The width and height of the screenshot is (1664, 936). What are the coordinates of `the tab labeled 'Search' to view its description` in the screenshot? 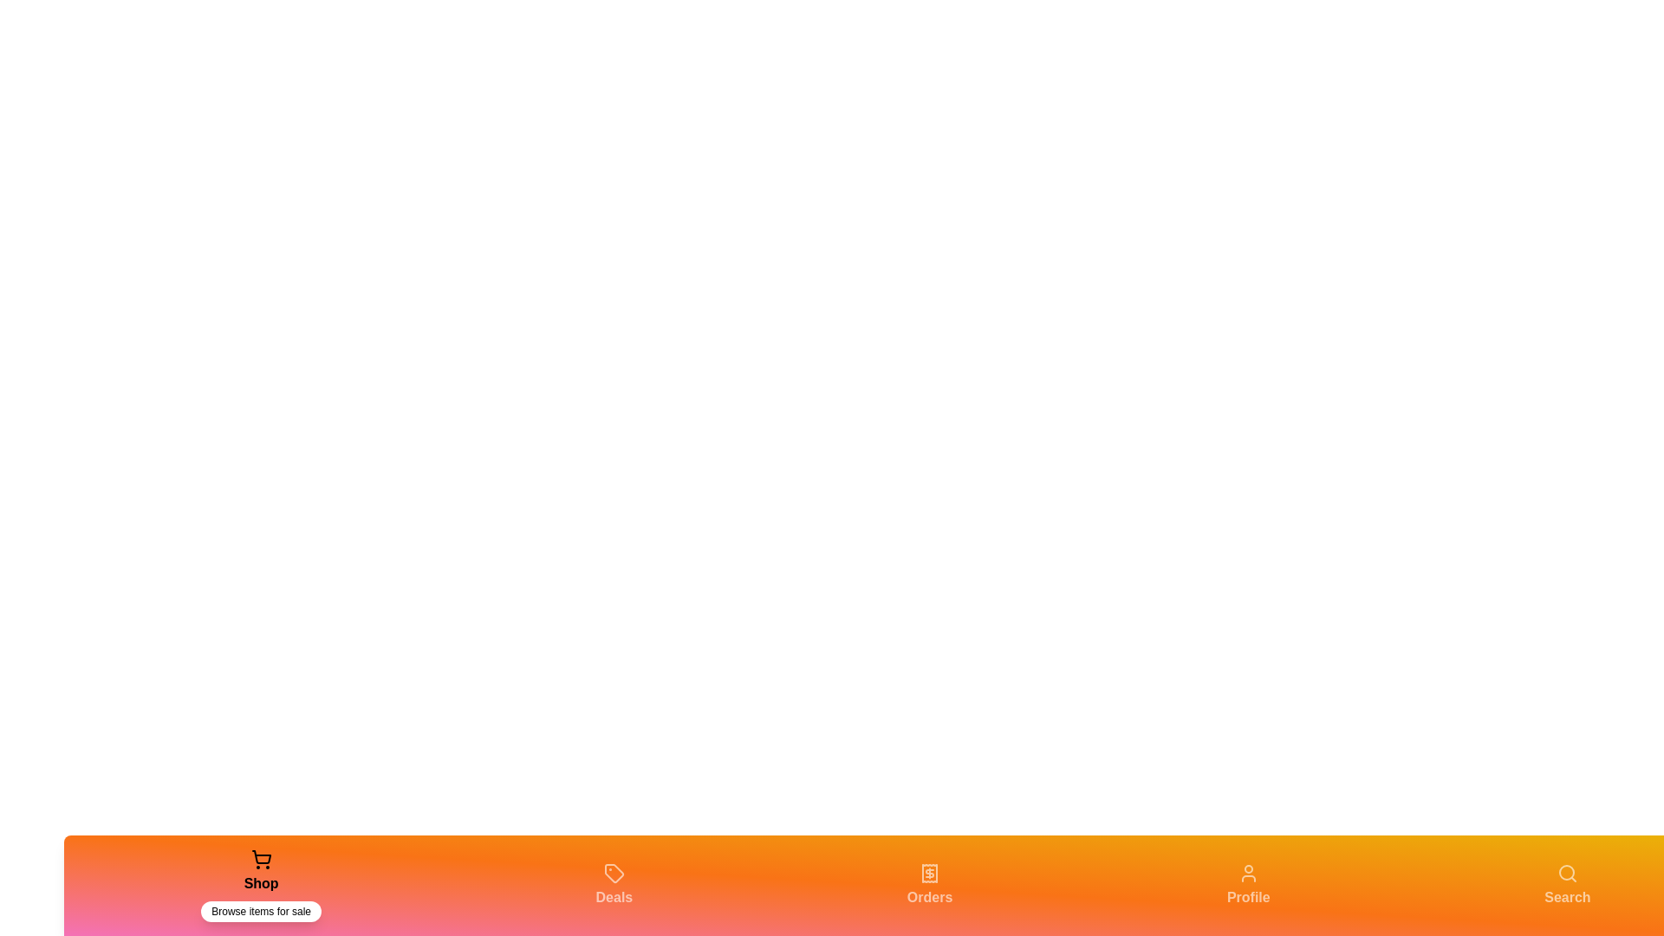 It's located at (1567, 886).